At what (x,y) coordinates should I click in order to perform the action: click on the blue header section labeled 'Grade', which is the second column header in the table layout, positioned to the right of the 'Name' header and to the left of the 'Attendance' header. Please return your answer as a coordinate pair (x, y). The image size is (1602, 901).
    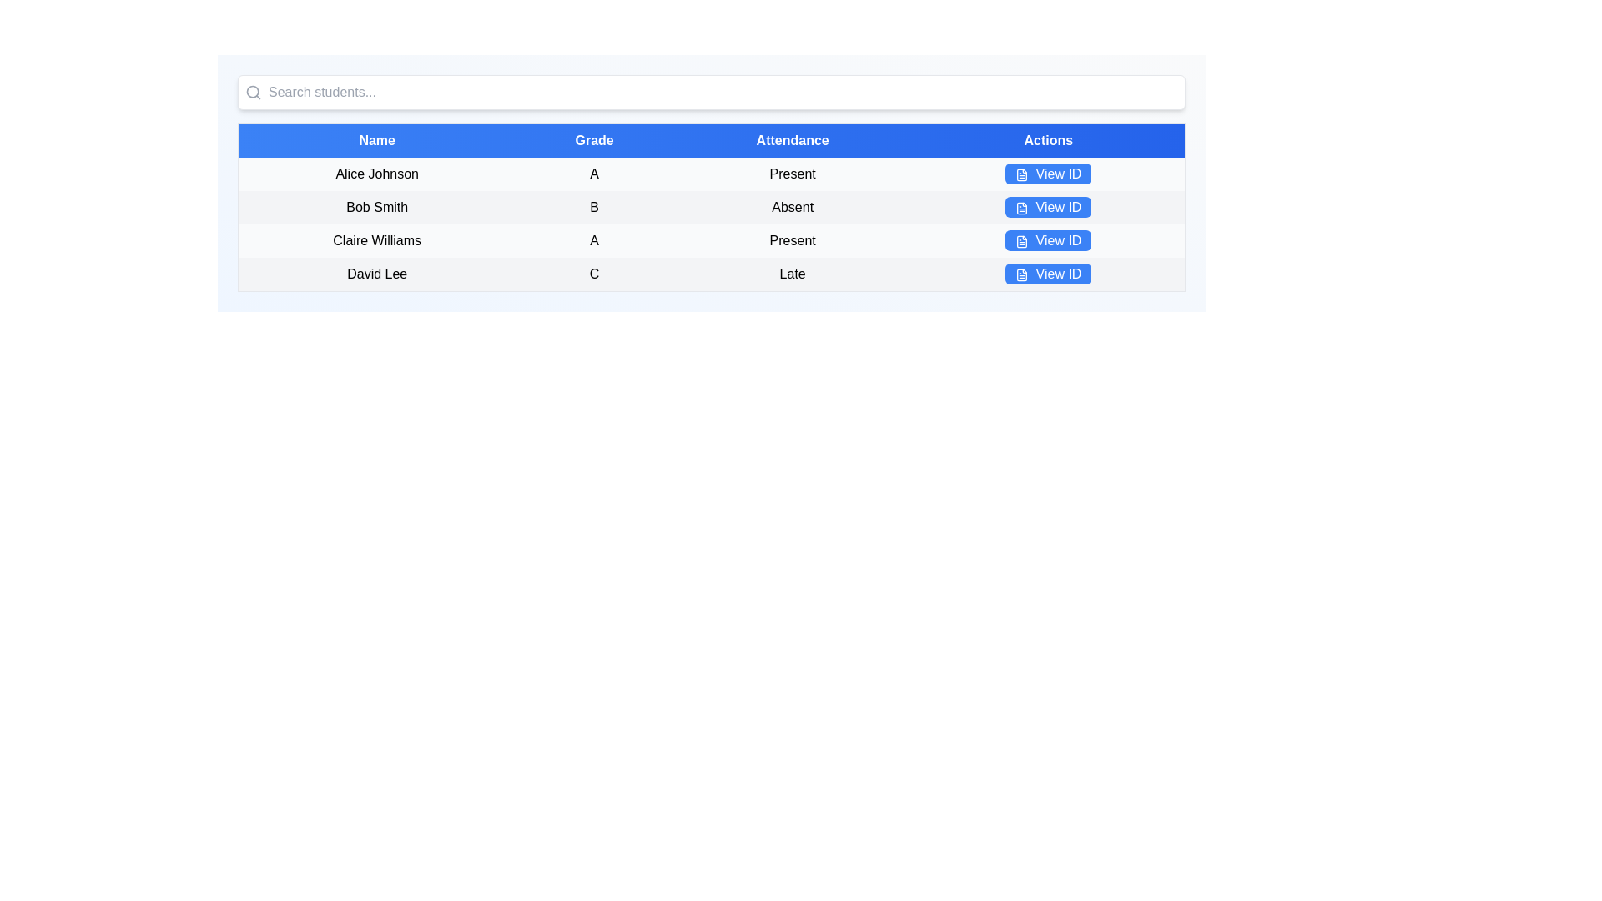
    Looking at the image, I should click on (594, 139).